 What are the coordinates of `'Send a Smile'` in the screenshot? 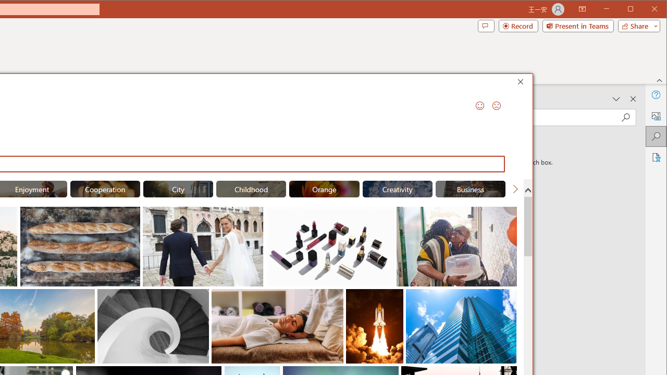 It's located at (479, 106).